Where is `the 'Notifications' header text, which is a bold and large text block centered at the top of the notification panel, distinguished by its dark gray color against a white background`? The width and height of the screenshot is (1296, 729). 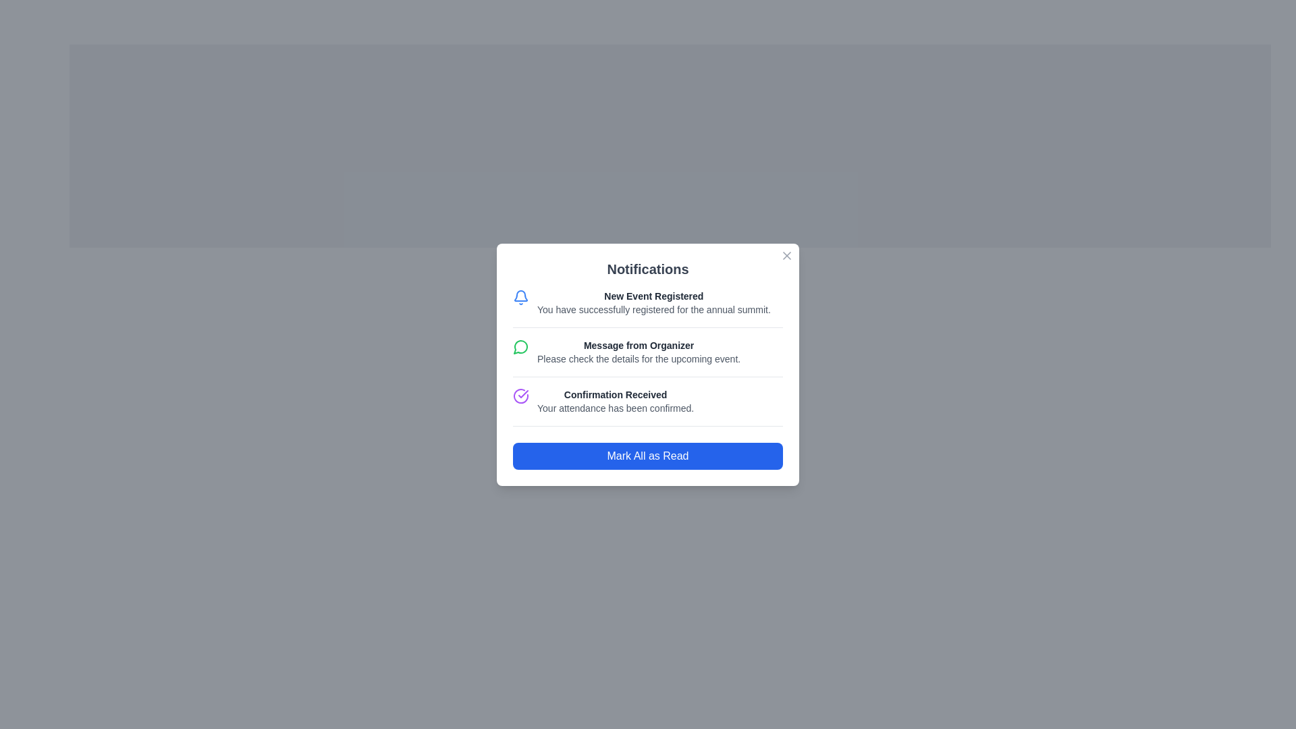
the 'Notifications' header text, which is a bold and large text block centered at the top of the notification panel, distinguished by its dark gray color against a white background is located at coordinates (648, 268).